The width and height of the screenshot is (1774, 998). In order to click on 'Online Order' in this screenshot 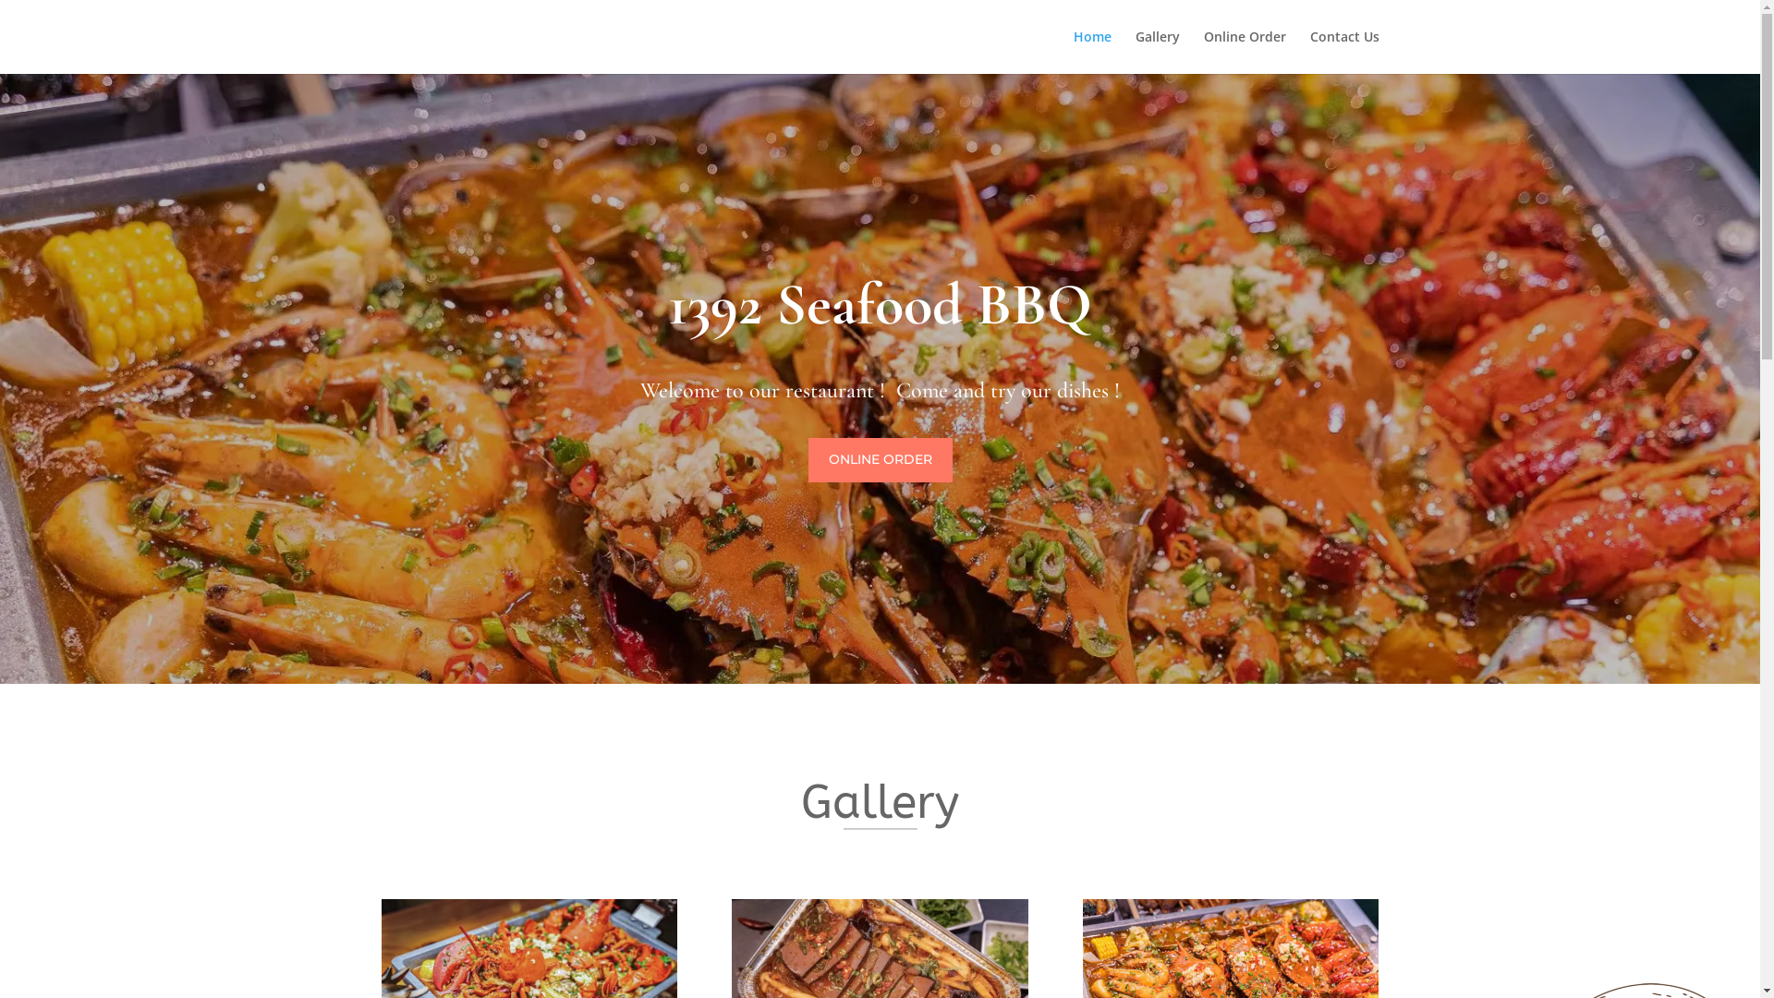, I will do `click(1244, 51)`.